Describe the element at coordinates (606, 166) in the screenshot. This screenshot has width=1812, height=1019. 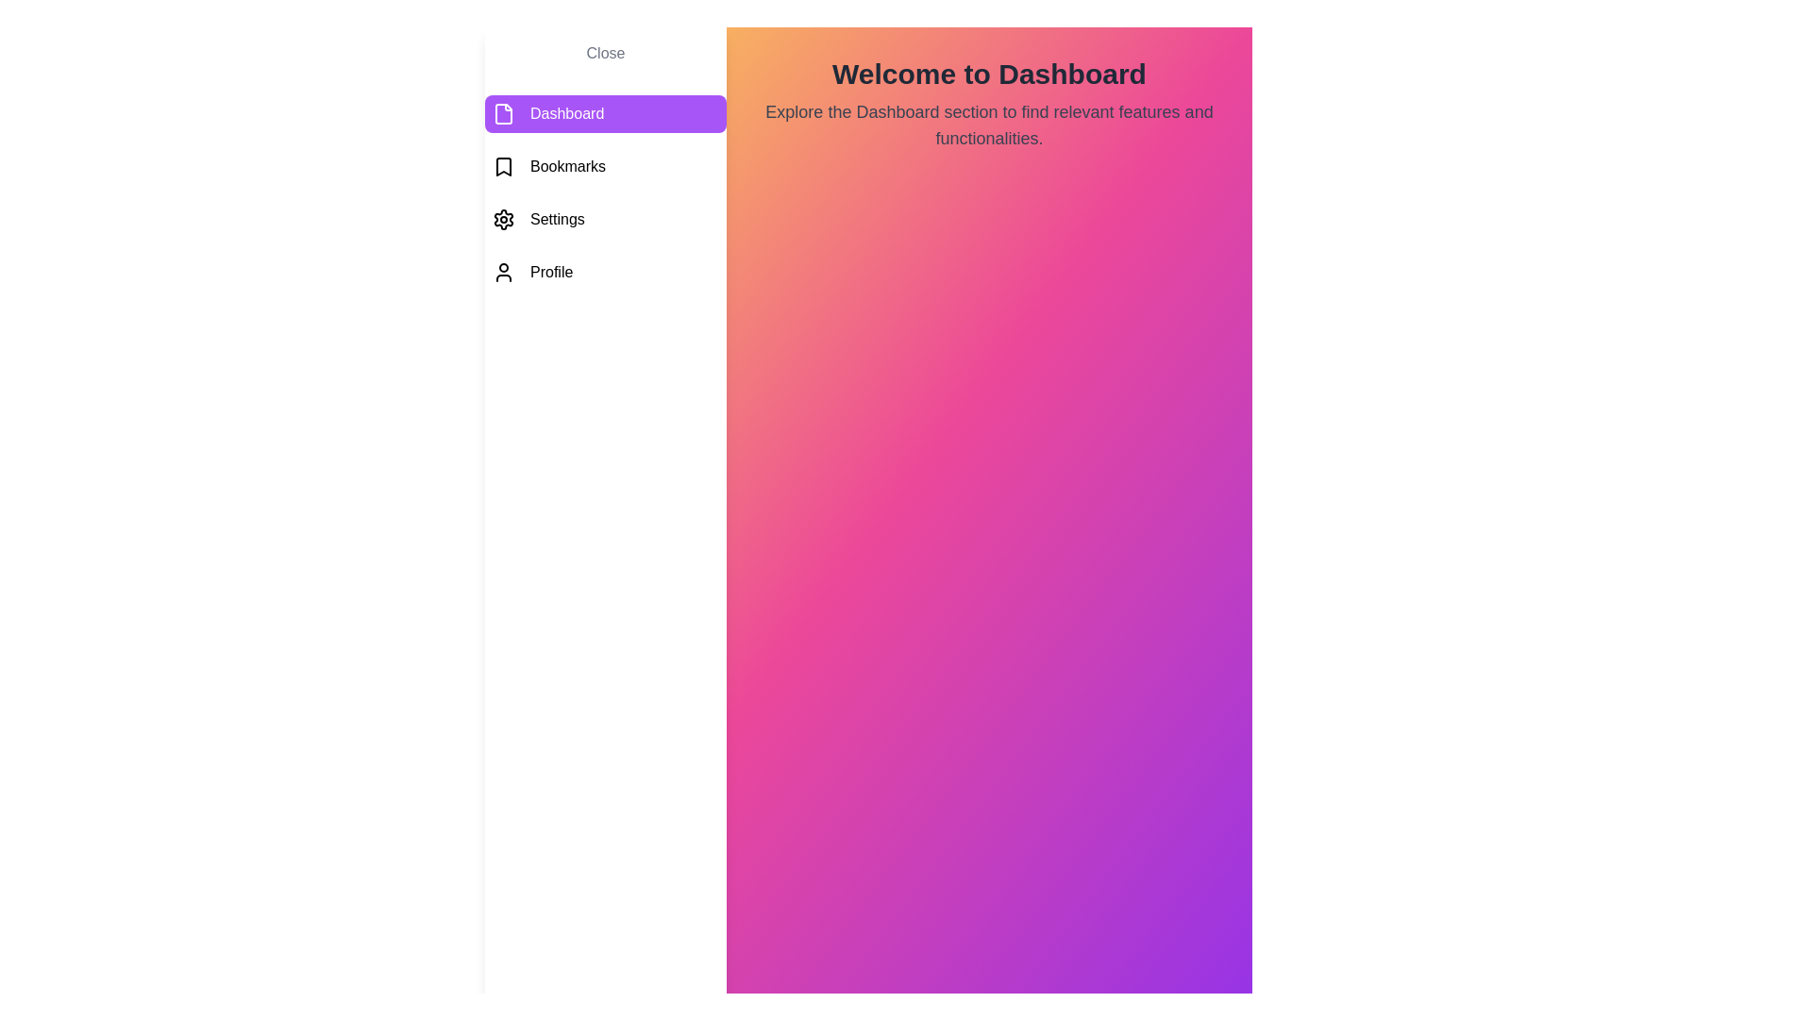
I see `the Bookmarks tab from the menu` at that location.